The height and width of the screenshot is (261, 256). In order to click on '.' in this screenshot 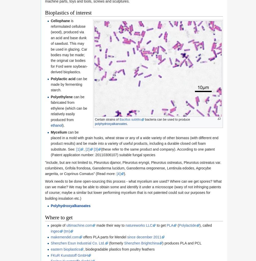, I will do `click(127, 123)`.